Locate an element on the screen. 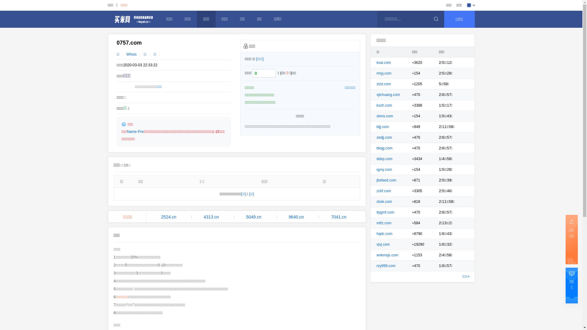 The height and width of the screenshot is (330, 587). 'mtfz.com' is located at coordinates (384, 223).